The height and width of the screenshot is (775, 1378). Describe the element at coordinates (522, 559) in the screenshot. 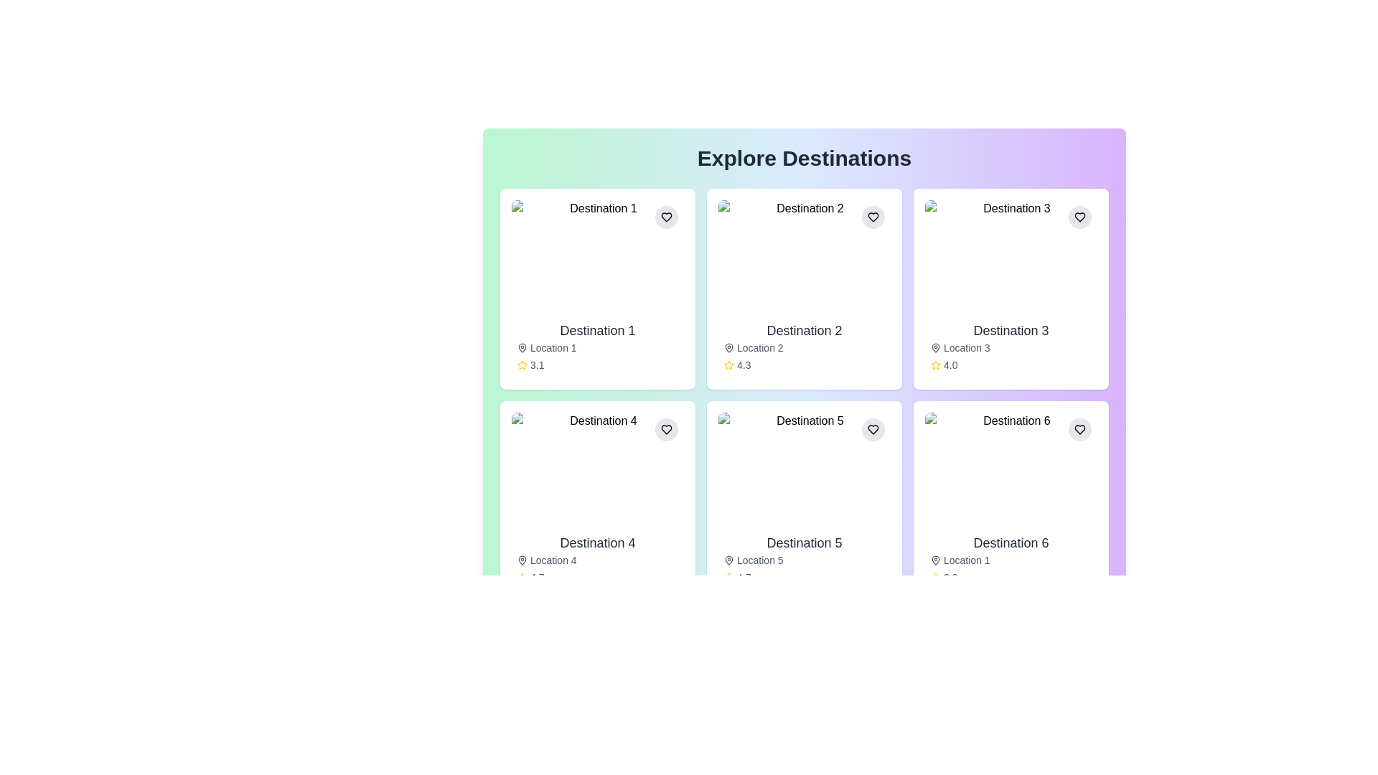

I see `the map pin icon located adjacent to the text 'Location 4' in the lower-left card of the Explore Destinations grid` at that location.